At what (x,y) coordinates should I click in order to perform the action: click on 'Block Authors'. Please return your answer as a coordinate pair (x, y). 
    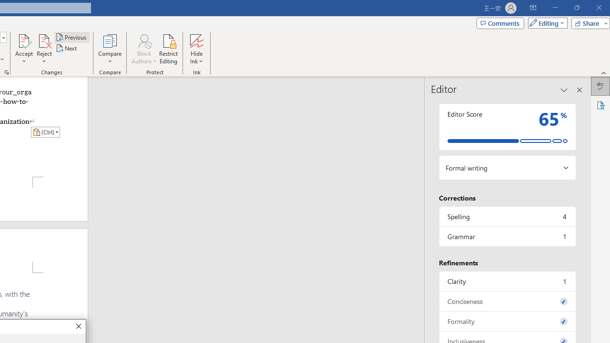
    Looking at the image, I should click on (143, 40).